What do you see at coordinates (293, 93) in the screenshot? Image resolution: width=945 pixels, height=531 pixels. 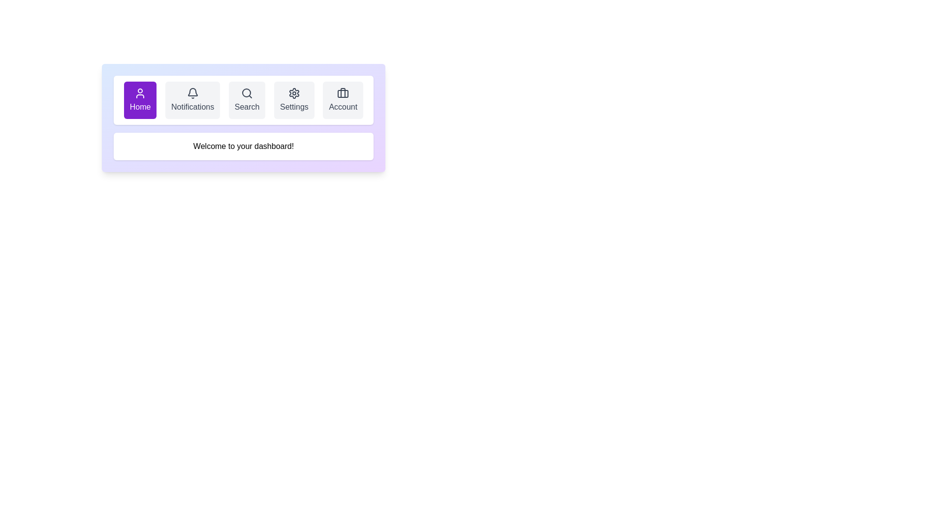 I see `the gear icon in the 'Settings' menu` at bounding box center [293, 93].